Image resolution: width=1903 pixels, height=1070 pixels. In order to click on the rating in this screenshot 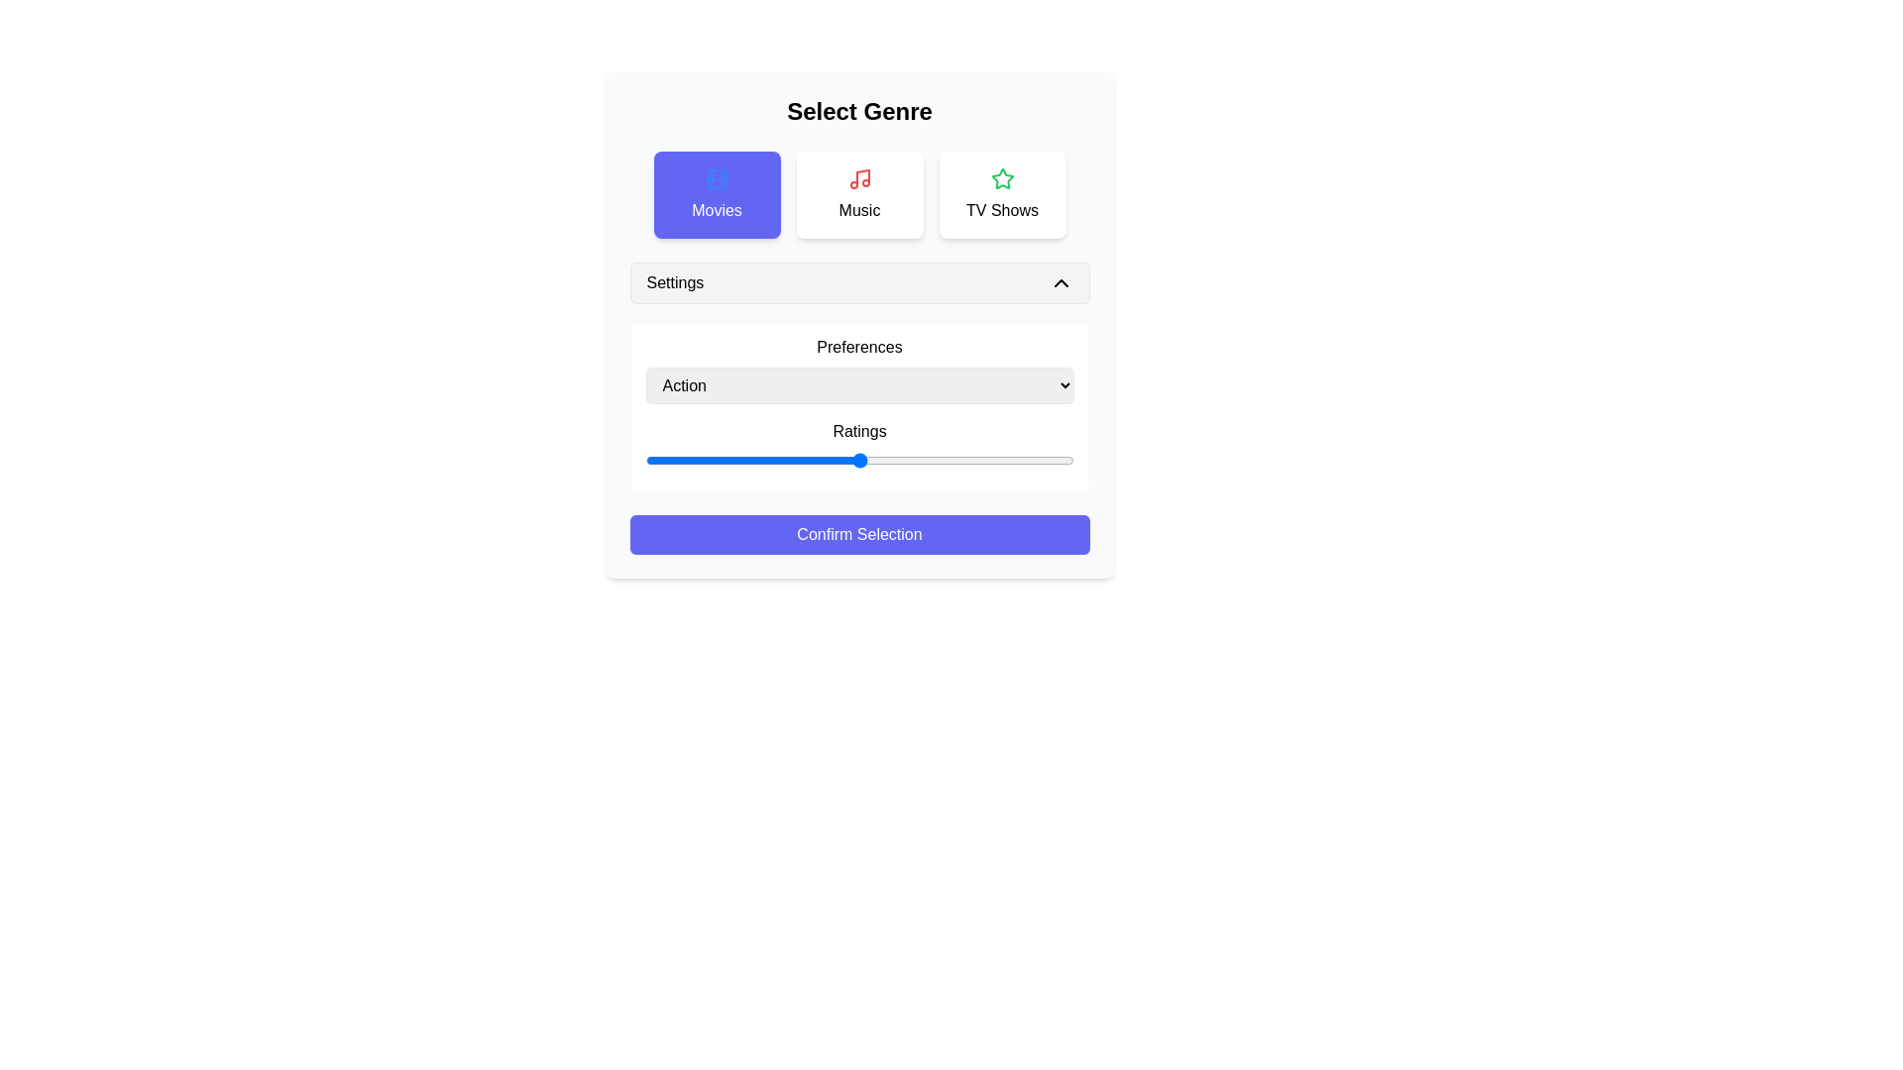, I will do `click(710, 461)`.